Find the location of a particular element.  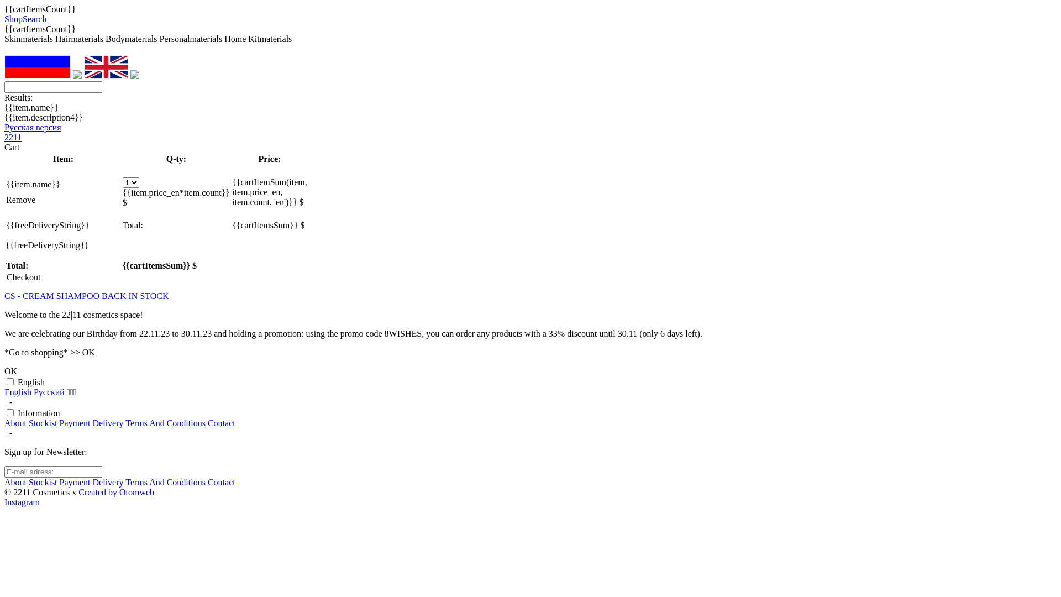

'+-' is located at coordinates (8, 402).